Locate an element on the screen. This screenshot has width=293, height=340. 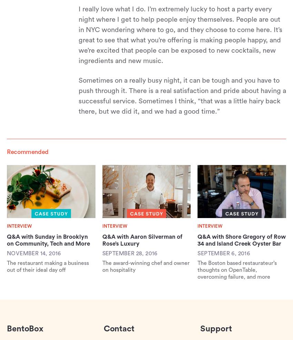
'The Boston based restaurateur’s thoughts on OpenTable, overcoming failure, and more' is located at coordinates (236, 269).